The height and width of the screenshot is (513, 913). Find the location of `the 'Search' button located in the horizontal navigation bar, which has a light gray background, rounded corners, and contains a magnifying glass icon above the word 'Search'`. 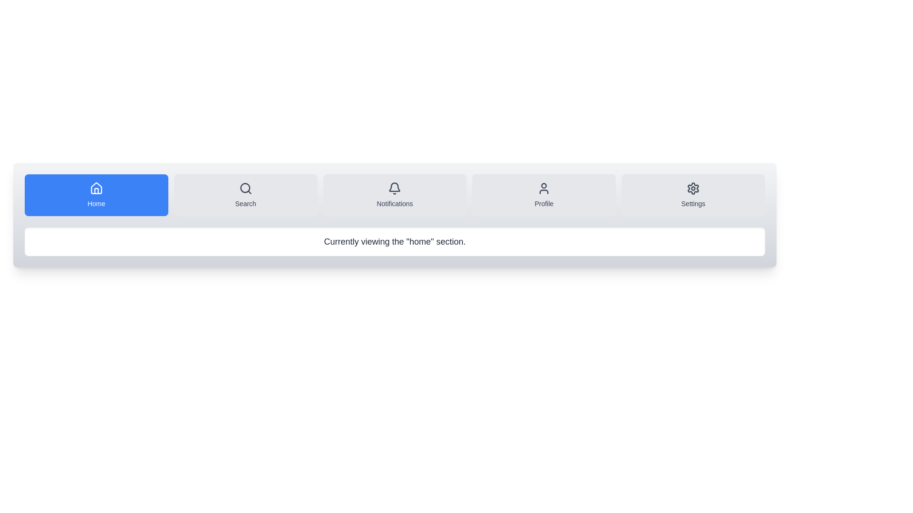

the 'Search' button located in the horizontal navigation bar, which has a light gray background, rounded corners, and contains a magnifying glass icon above the word 'Search' is located at coordinates (245, 195).